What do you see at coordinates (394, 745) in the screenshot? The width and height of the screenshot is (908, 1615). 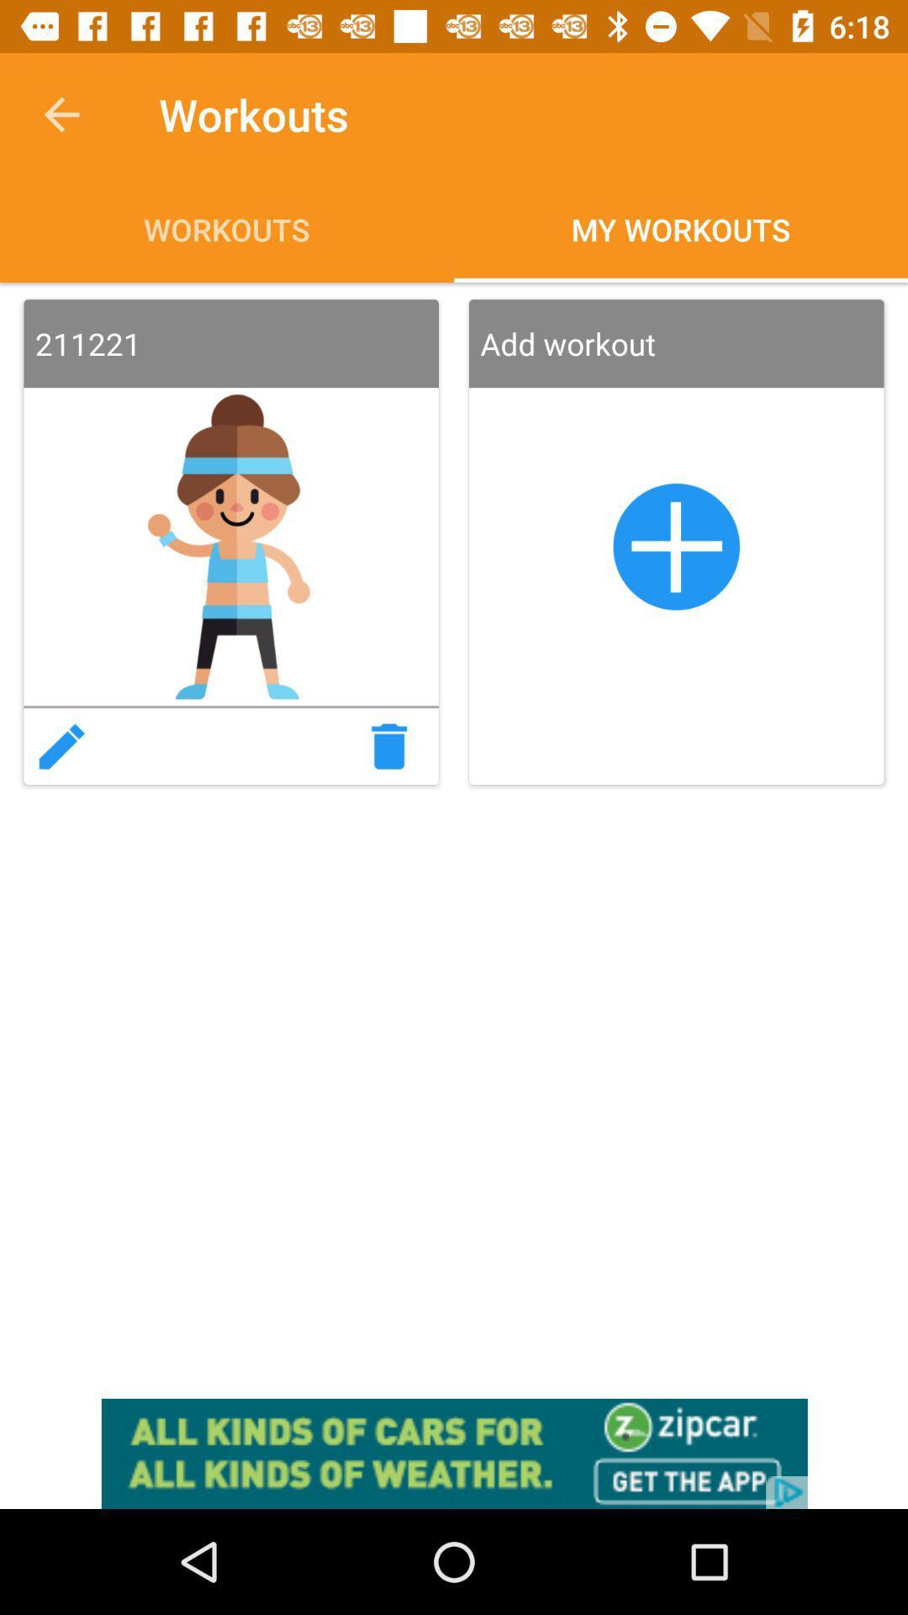 I see `trash` at bounding box center [394, 745].